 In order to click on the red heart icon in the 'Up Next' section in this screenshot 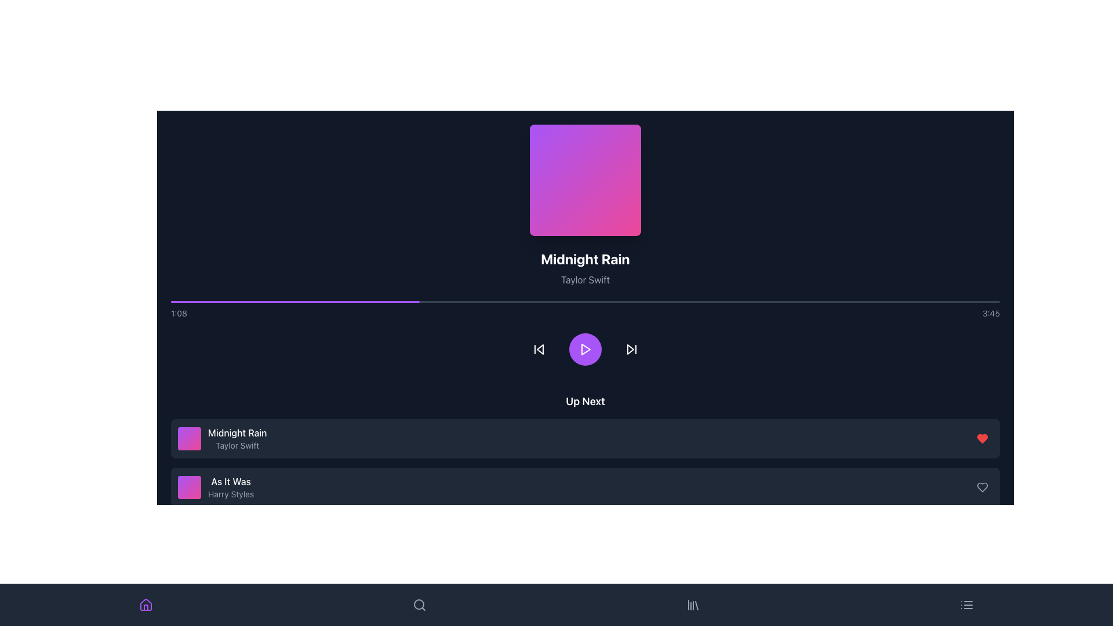, I will do `click(981, 438)`.